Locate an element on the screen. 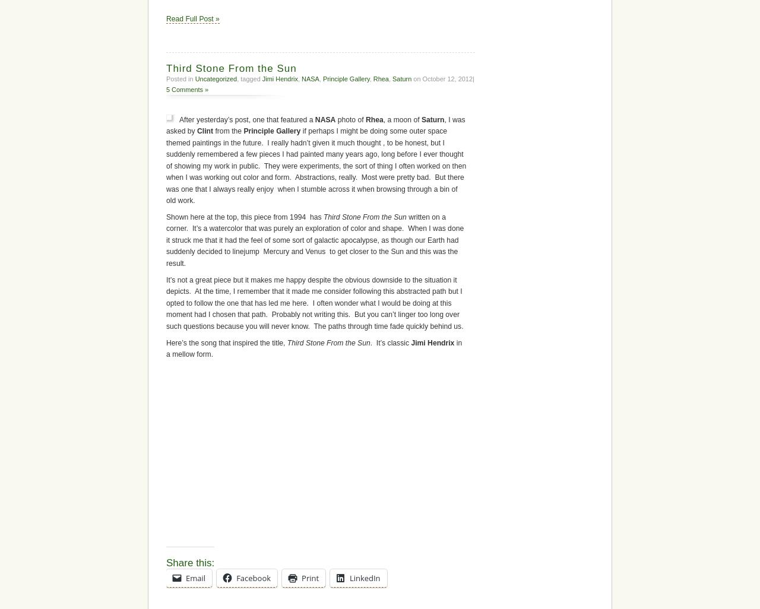 The height and width of the screenshot is (609, 760). ', a moon of' is located at coordinates (369, 390).